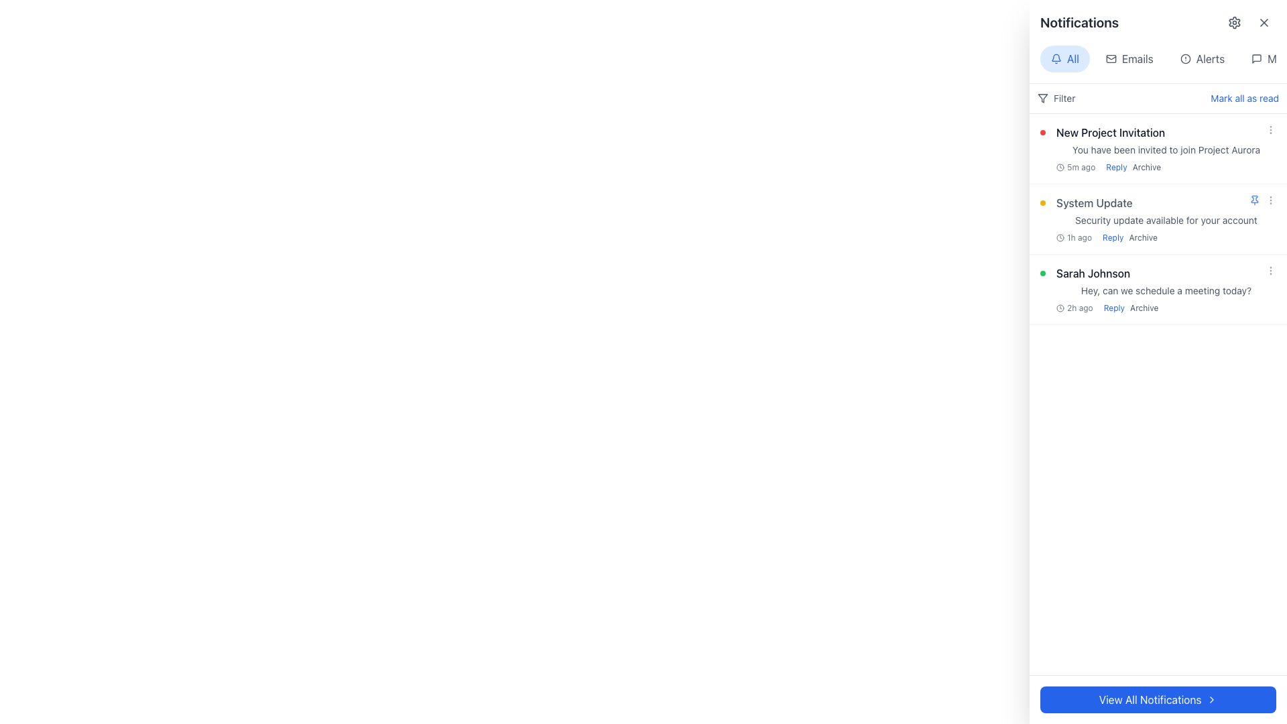 This screenshot has width=1287, height=724. I want to click on the 'All' notifications filter button, which is the first button in the horizontal navigation bar at the top of the notification panel, featuring a blue background and a bell icon, so click(1064, 58).